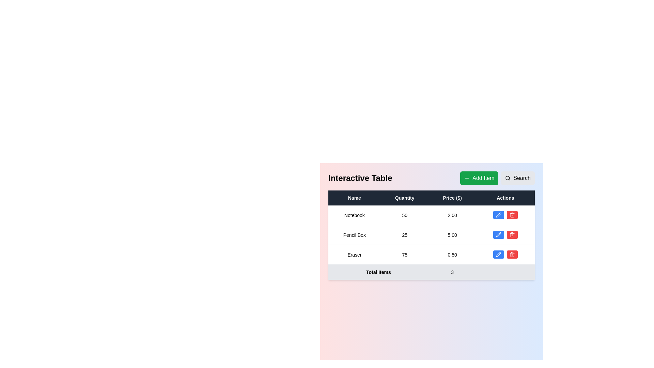  What do you see at coordinates (498, 234) in the screenshot?
I see `the blue rounded rectangular button with a white pencil icon in the 'Actions' column of the second row` at bounding box center [498, 234].